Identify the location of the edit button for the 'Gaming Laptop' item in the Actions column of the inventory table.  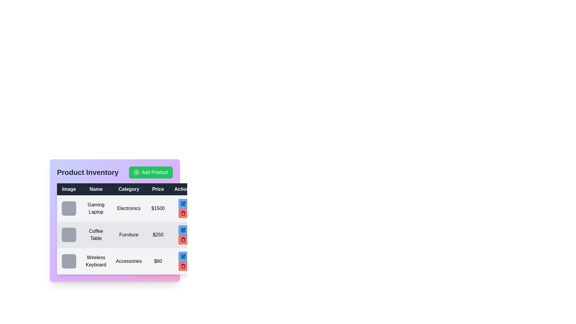
(183, 203).